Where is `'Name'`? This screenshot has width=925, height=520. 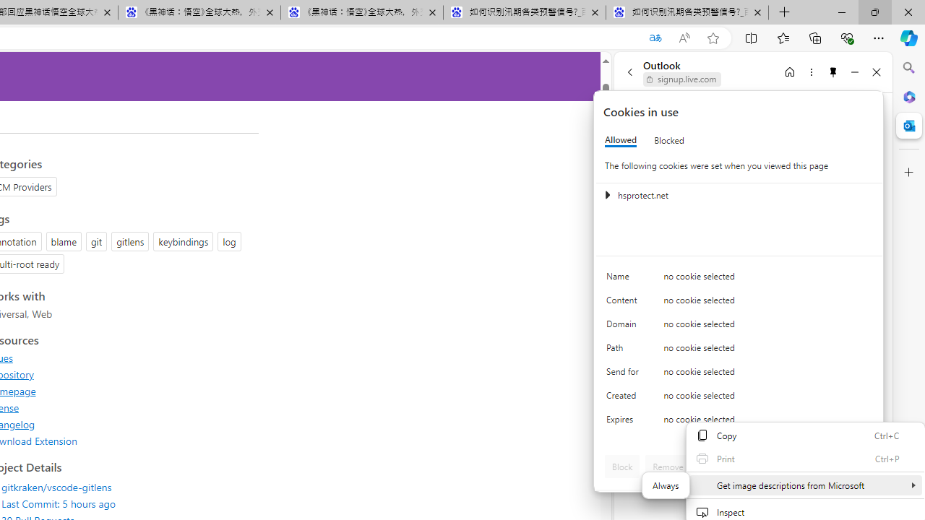
'Name' is located at coordinates (625, 279).